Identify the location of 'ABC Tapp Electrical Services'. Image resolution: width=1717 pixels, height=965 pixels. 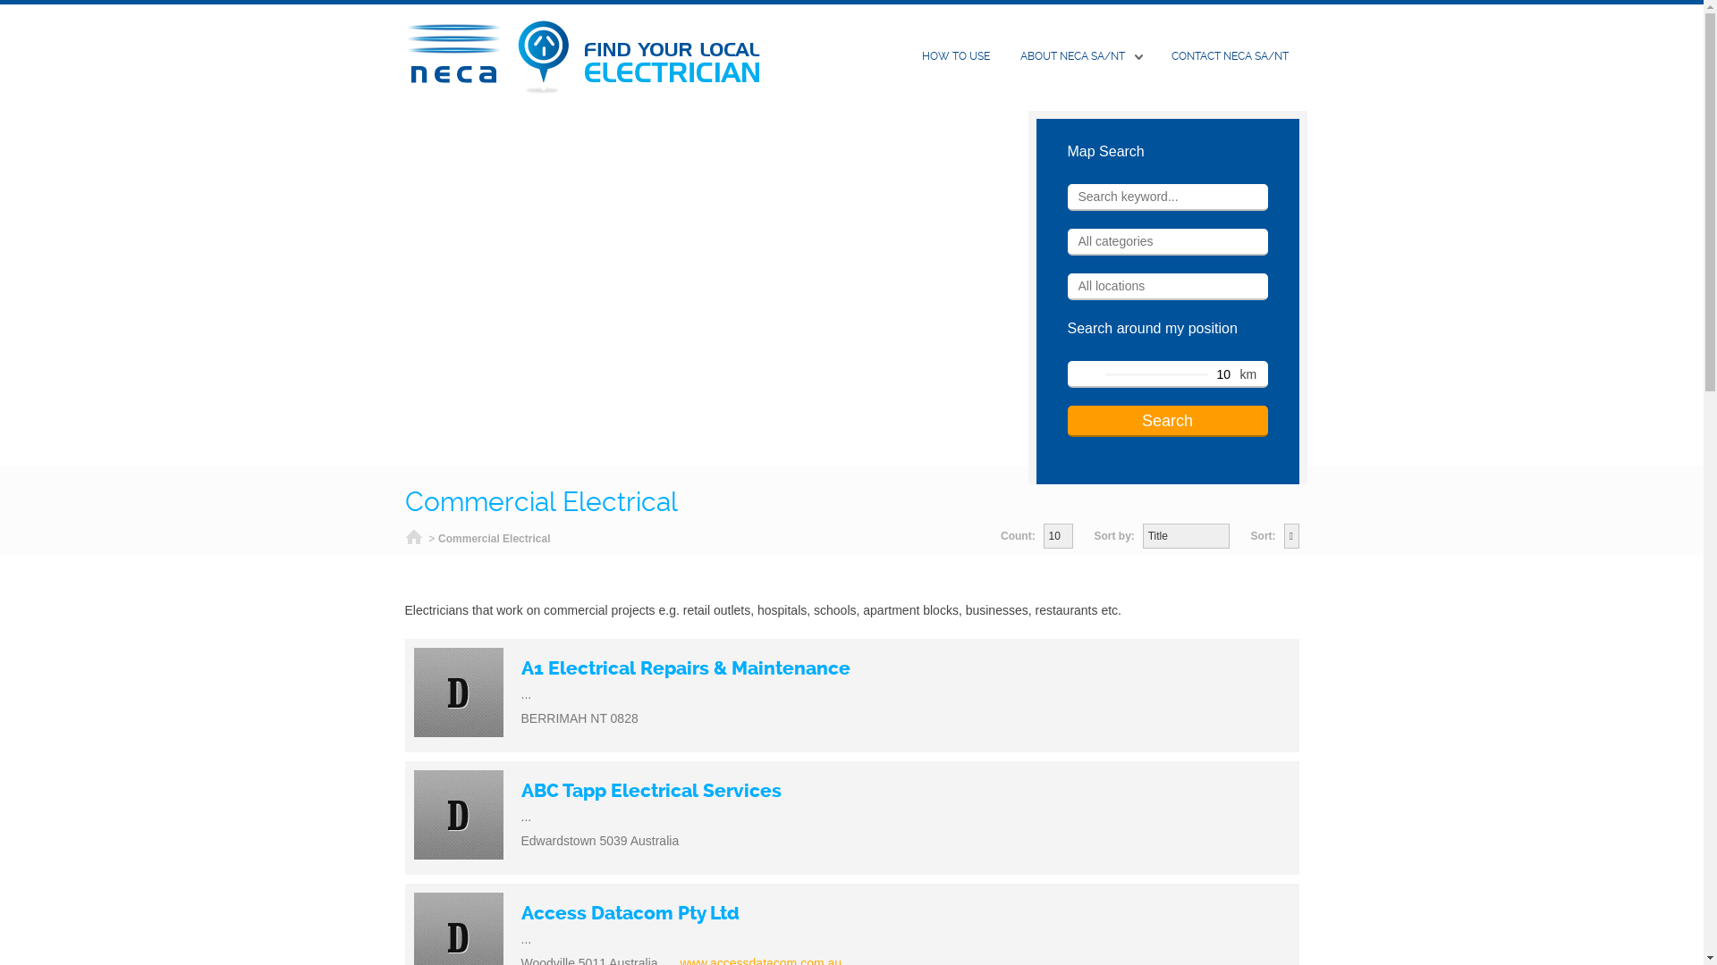
(649, 789).